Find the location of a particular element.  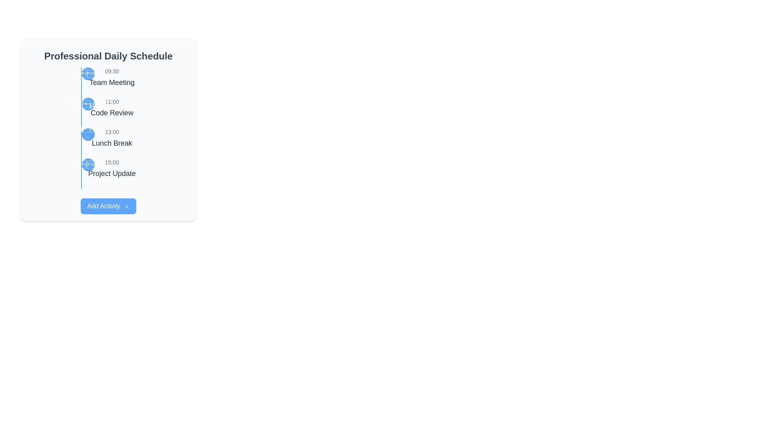

the 'Project Update' Timeline Item which is the fourth entry in the 'Professional Daily Schedule', located between 'Lunch Break' and 'Add Activity' is located at coordinates (111, 168).